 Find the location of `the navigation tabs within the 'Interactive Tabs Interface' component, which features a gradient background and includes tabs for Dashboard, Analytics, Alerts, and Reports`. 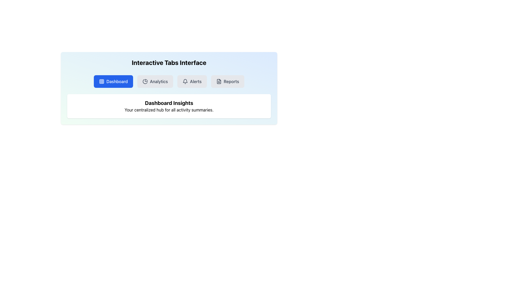

the navigation tabs within the 'Interactive Tabs Interface' component, which features a gradient background and includes tabs for Dashboard, Analytics, Alerts, and Reports is located at coordinates (169, 88).